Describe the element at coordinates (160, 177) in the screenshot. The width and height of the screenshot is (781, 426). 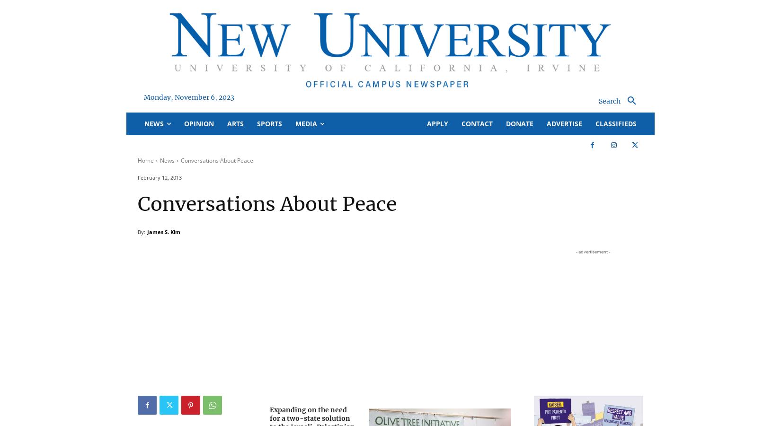
I see `'February 12, 2013'` at that location.